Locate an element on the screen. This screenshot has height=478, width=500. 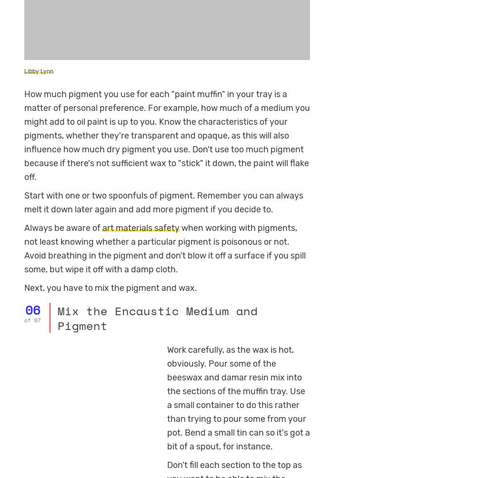
'Work carefully, as the wax is hot, obviously. Pour some of the beeswax and damar resin mix into the sections of the muffin tray. Use a small container to do this rather than trying to pour some from your pot. Bend a small tin can so it's got a bit of a spout, for instance.' is located at coordinates (238, 398).